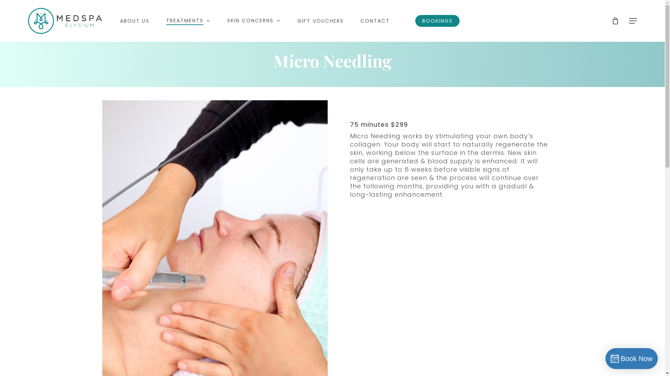 Image resolution: width=670 pixels, height=376 pixels. I want to click on 'ABOUT US', so click(120, 21).